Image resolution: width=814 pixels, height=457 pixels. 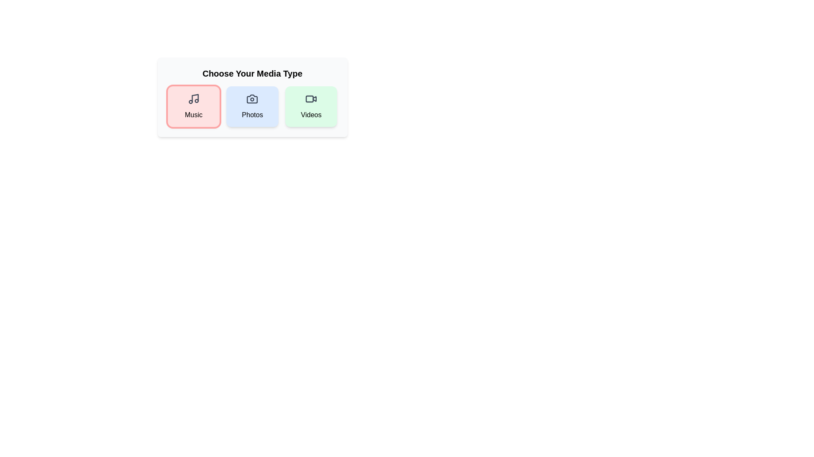 What do you see at coordinates (252, 106) in the screenshot?
I see `the 'Photos' button in the grid of selection buttons labeled 'Music', 'Photos', and 'Videos' by moving the cursor to its center` at bounding box center [252, 106].